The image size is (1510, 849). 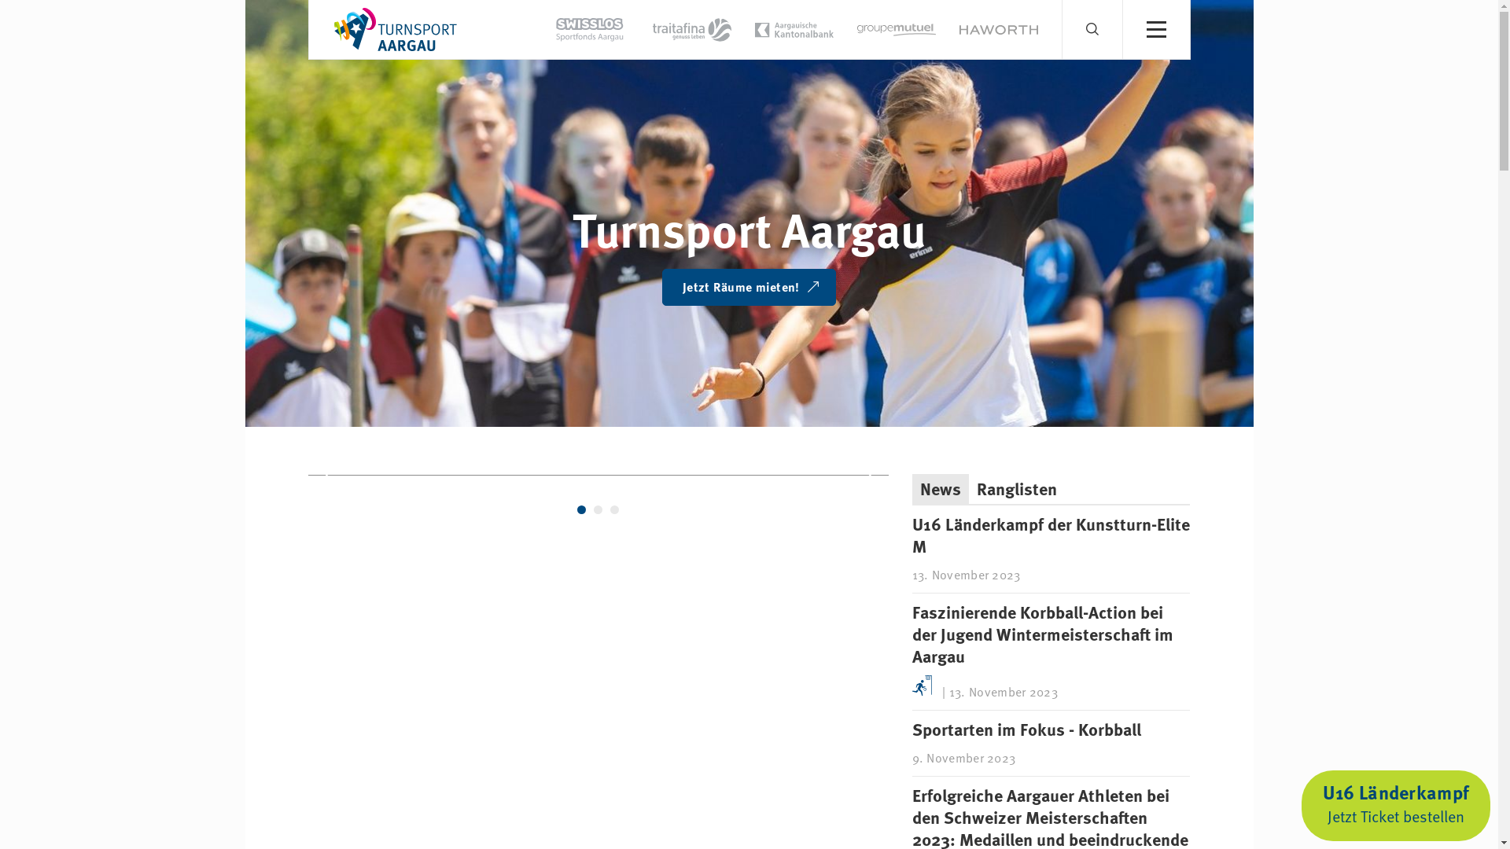 I want to click on 'Logo Aargauer Turnverband ATV', so click(x=323, y=29).